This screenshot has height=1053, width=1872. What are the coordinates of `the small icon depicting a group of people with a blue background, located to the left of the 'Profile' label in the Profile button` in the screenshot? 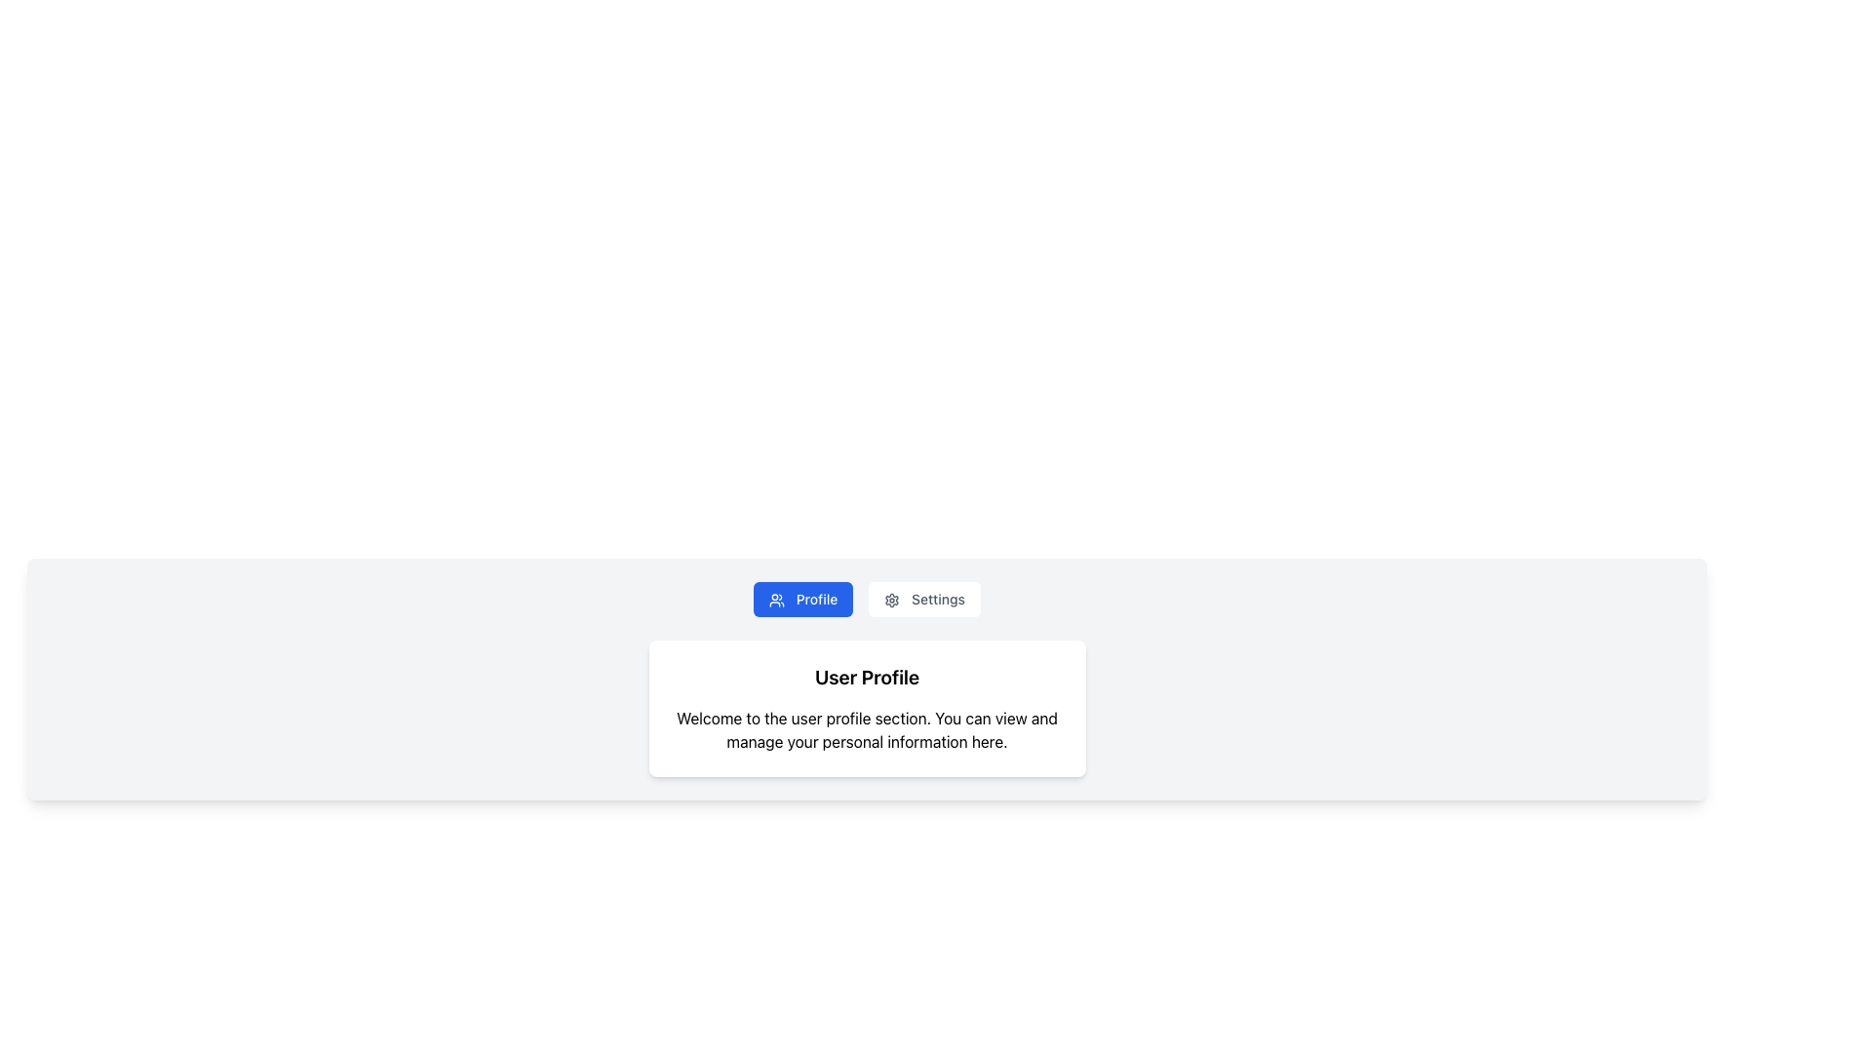 It's located at (775, 600).